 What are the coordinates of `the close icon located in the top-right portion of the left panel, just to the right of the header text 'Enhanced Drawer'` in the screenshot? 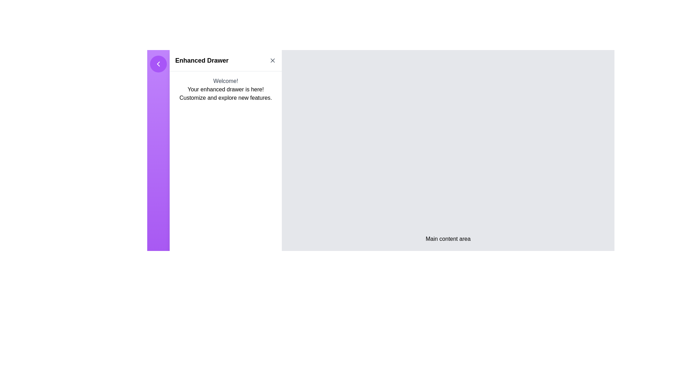 It's located at (272, 60).